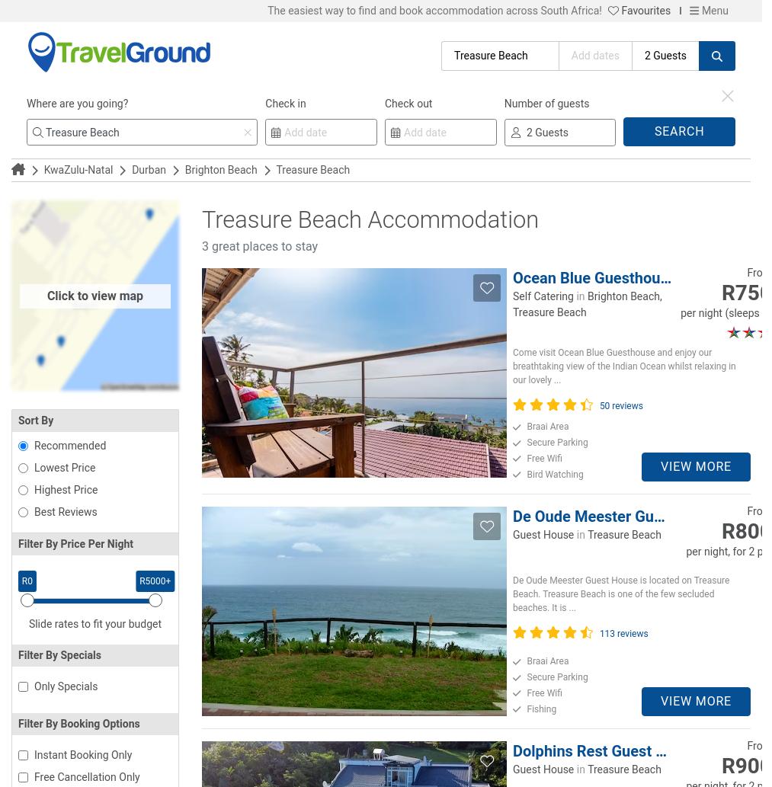 This screenshot has height=787, width=772. What do you see at coordinates (625, 296) in the screenshot?
I see `'Brighton Beach,'` at bounding box center [625, 296].